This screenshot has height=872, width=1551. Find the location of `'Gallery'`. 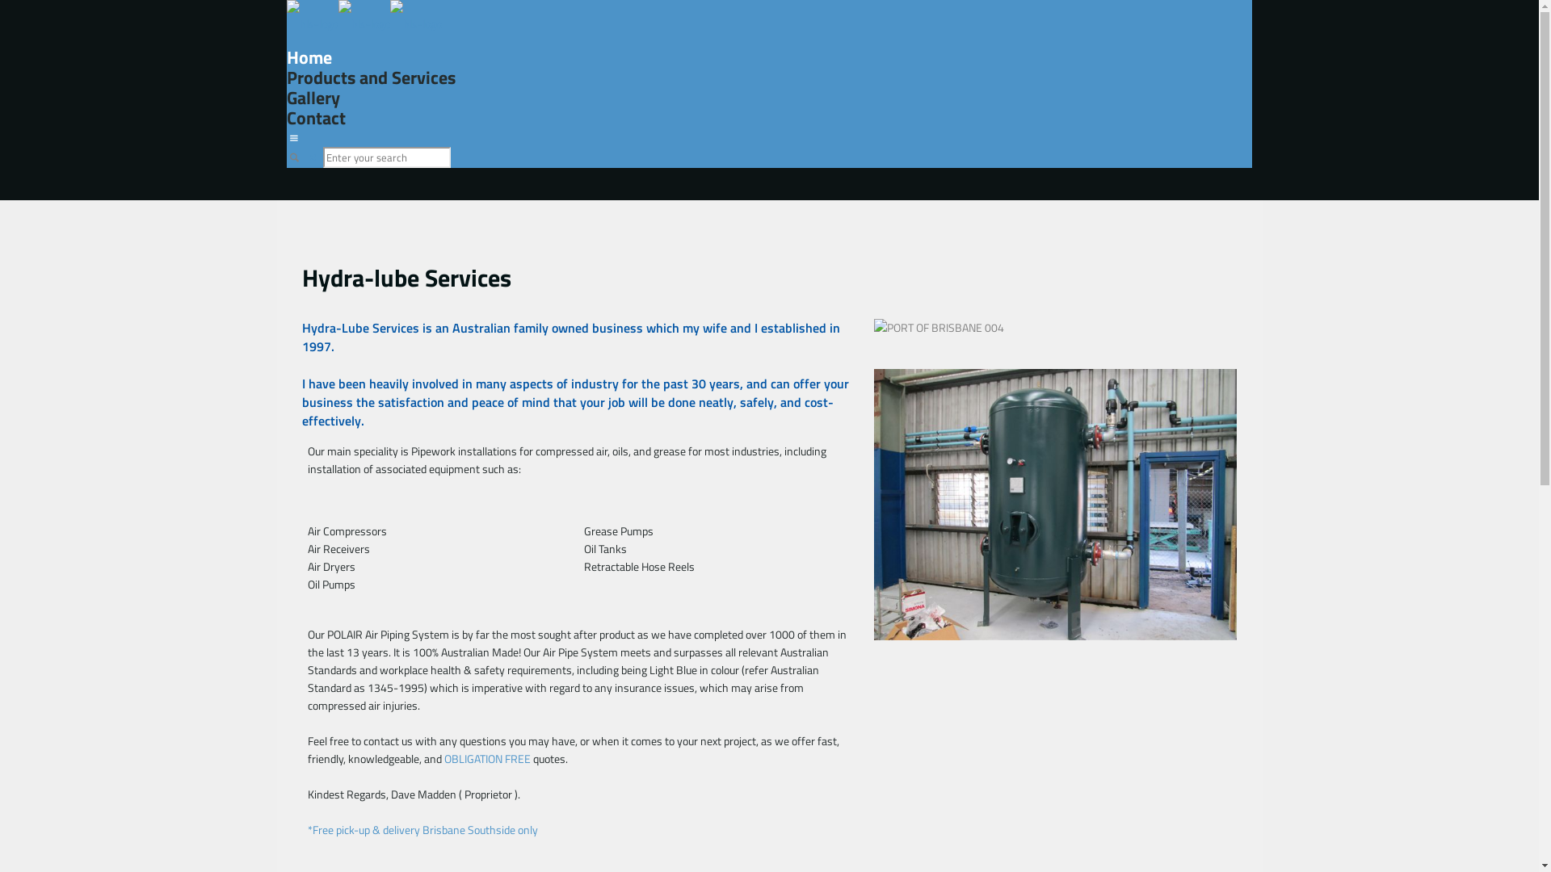

'Gallery' is located at coordinates (313, 97).